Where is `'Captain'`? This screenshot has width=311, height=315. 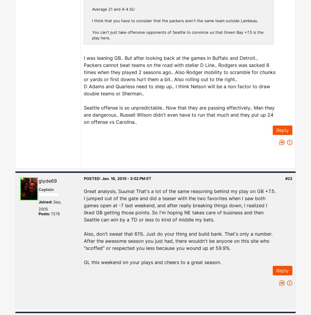
'Captain' is located at coordinates (46, 189).